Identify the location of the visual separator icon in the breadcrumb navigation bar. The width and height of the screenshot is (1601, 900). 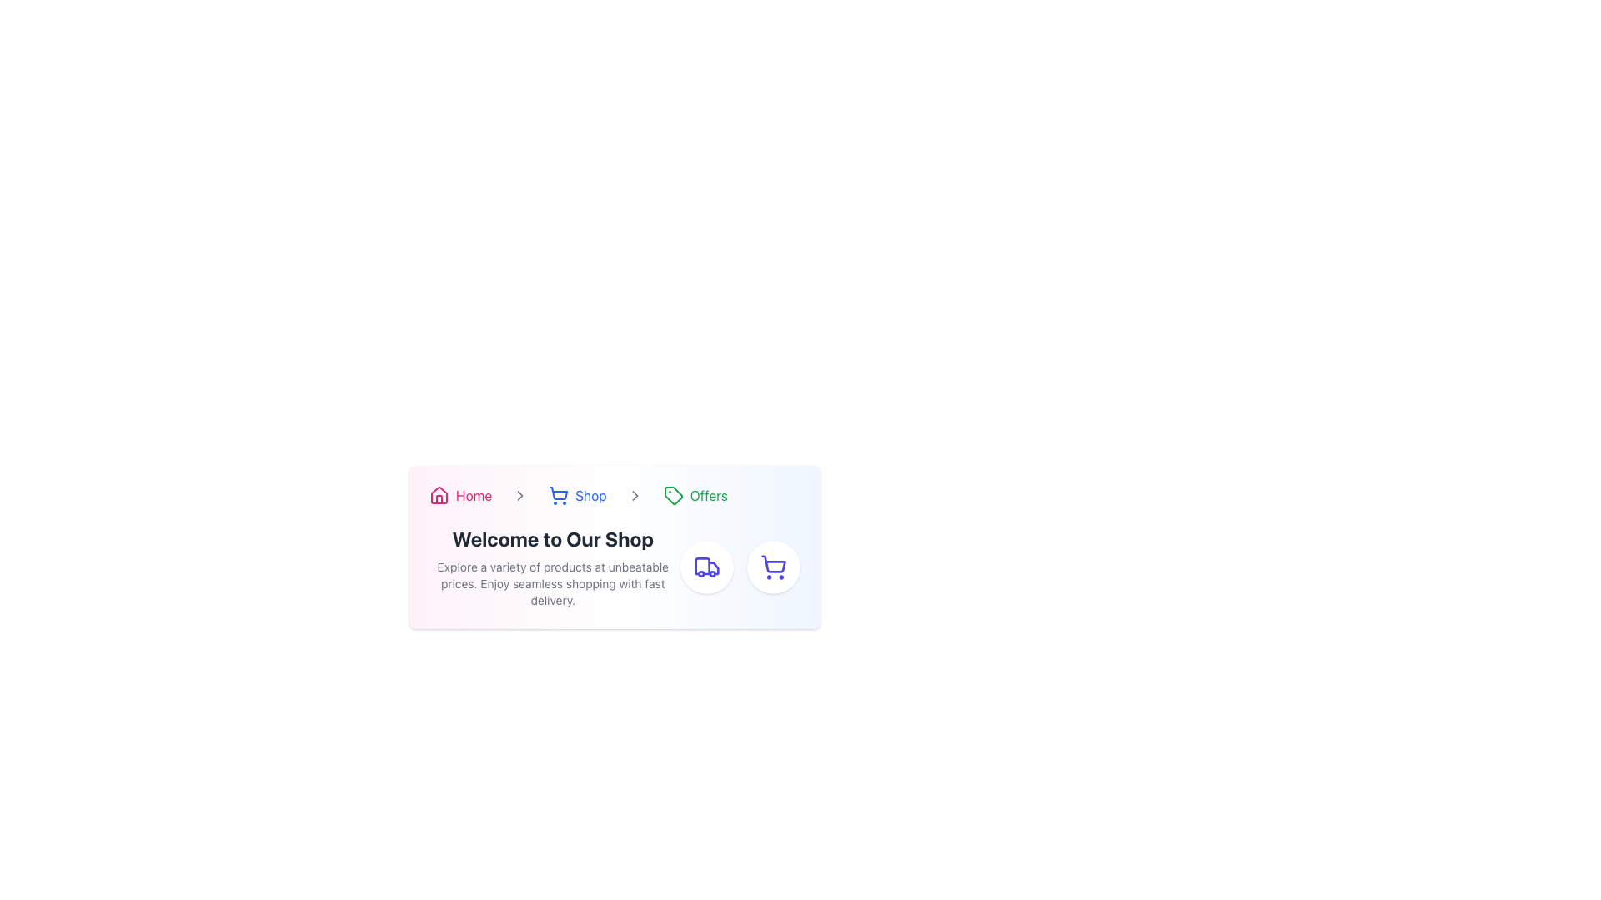
(519, 494).